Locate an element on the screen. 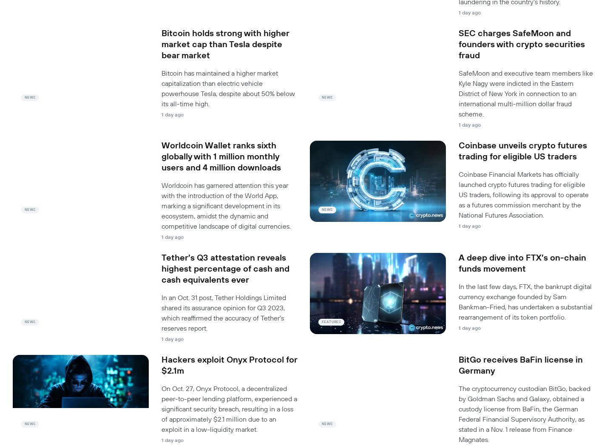  'The cryptocurrency custodian BitGo, backed by Goldman Sachs and Galaxy, obtained a custody license from BaFin, the German Federal Financial Supervisory Authority, as stated in a Nov. 1 release from Finance Magnates.' is located at coordinates (524, 414).